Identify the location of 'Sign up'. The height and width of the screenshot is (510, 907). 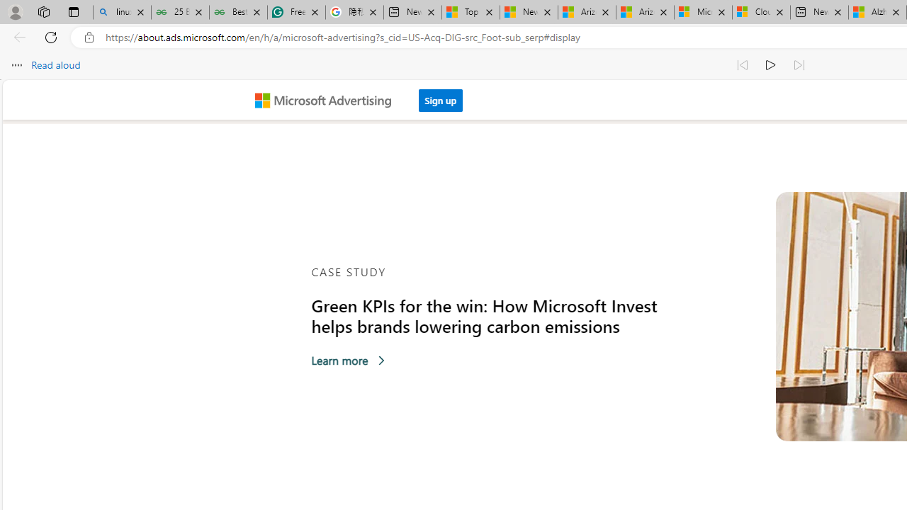
(440, 96).